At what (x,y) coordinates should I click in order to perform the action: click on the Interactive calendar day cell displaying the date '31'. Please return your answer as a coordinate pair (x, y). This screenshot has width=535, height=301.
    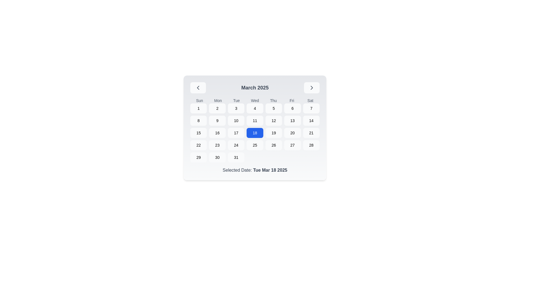
    Looking at the image, I should click on (236, 157).